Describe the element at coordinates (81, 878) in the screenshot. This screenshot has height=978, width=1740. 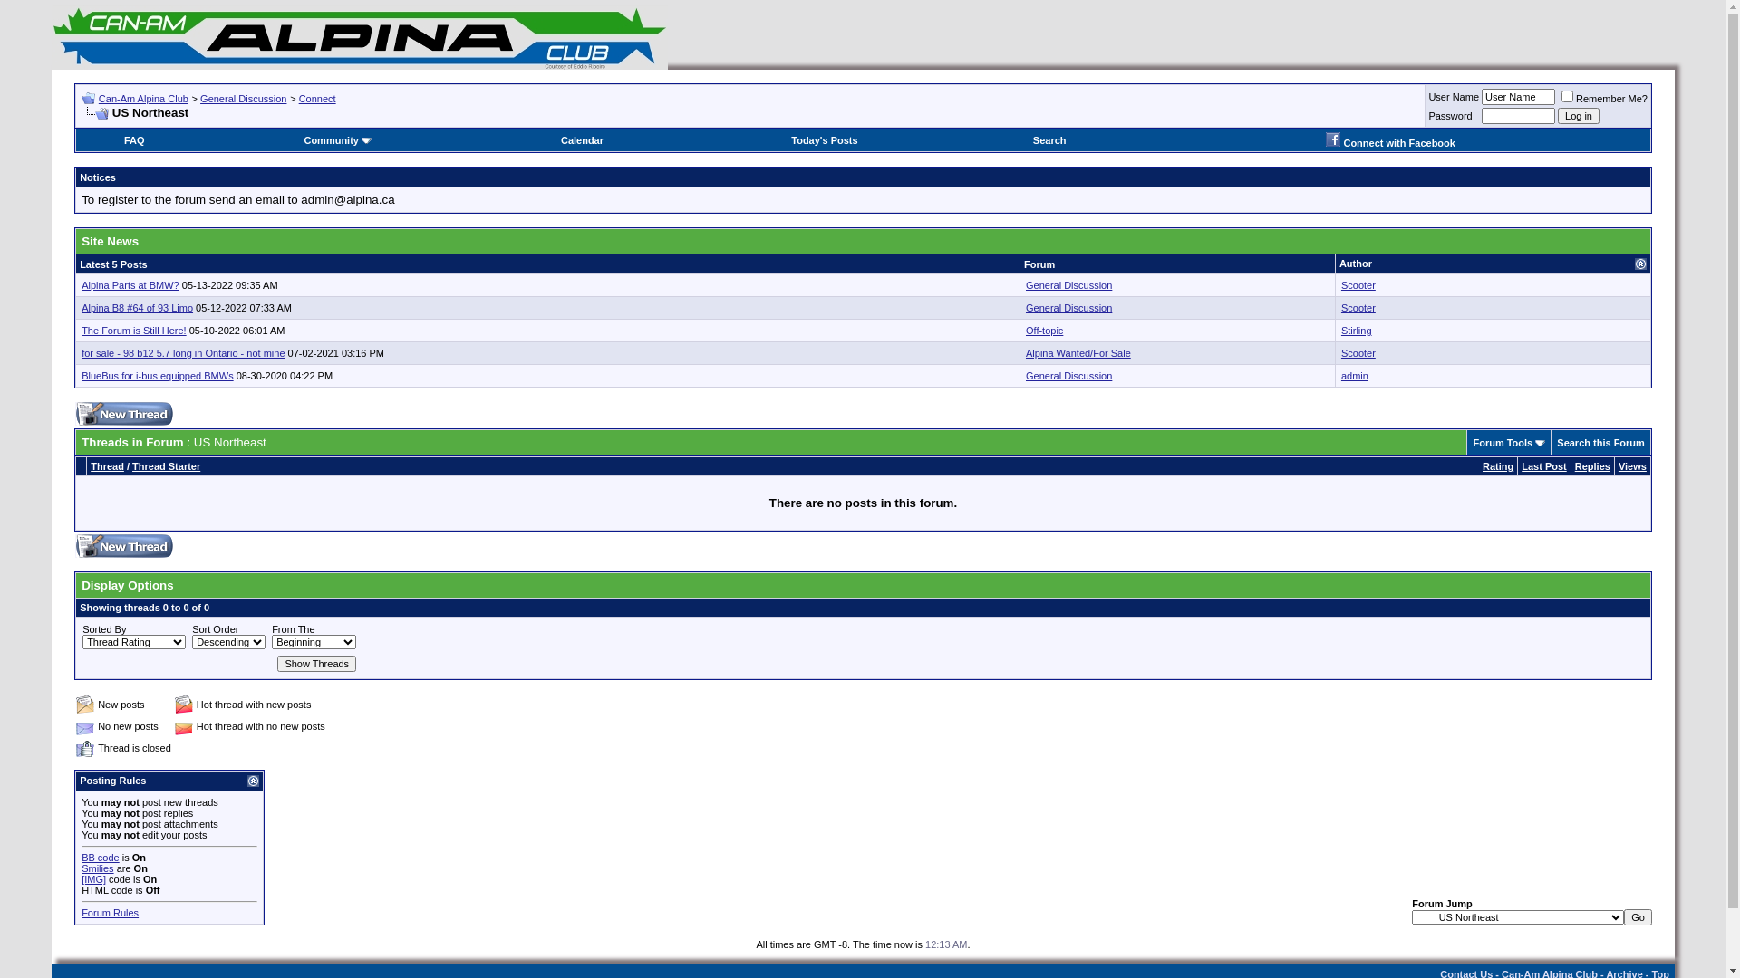
I see `'[IMG]'` at that location.